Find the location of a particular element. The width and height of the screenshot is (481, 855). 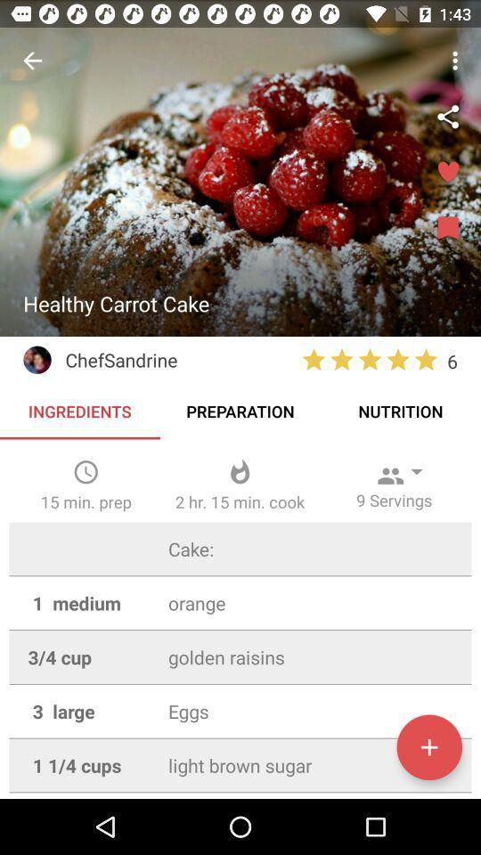

the bookmark icon is located at coordinates (447, 228).